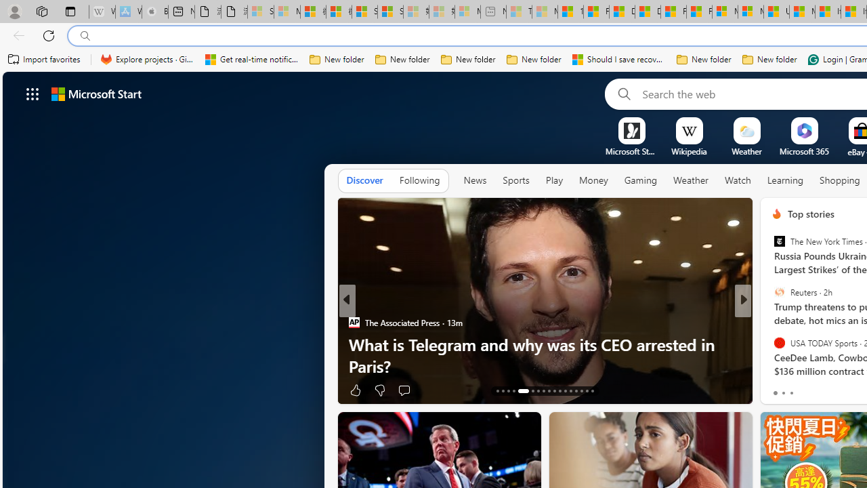 The height and width of the screenshot is (488, 867). Describe the element at coordinates (553, 180) in the screenshot. I see `'Play'` at that location.